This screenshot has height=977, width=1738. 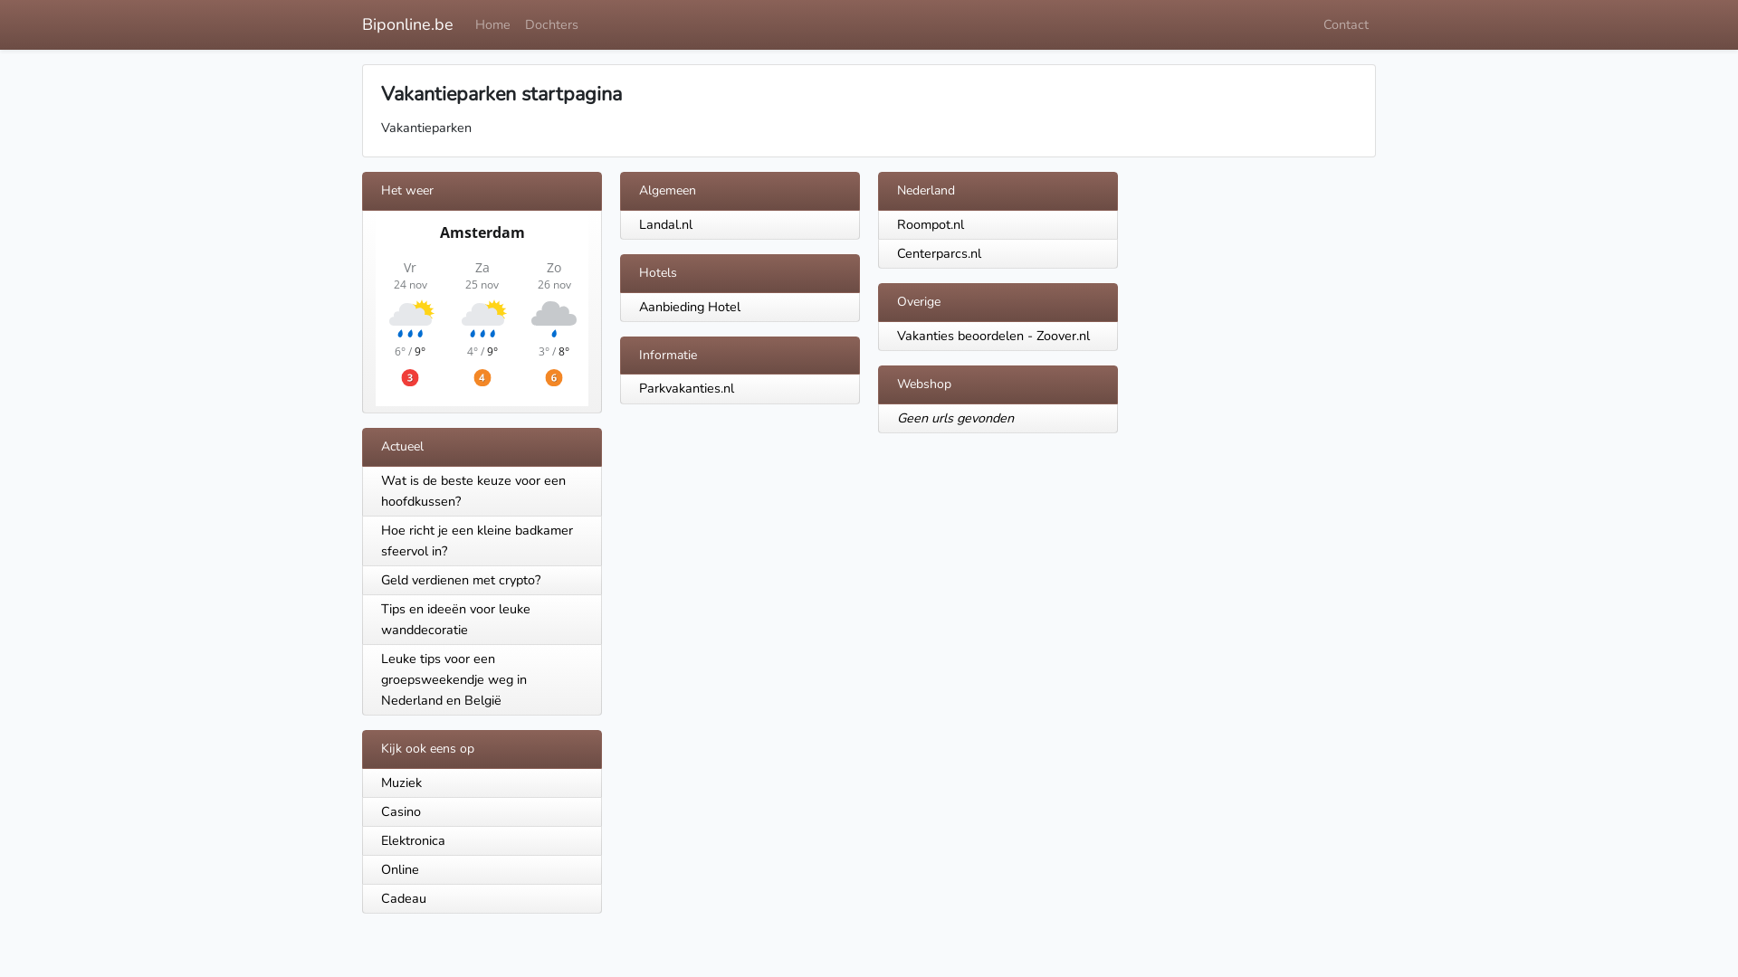 What do you see at coordinates (896, 253) in the screenshot?
I see `'Centerparcs.nl'` at bounding box center [896, 253].